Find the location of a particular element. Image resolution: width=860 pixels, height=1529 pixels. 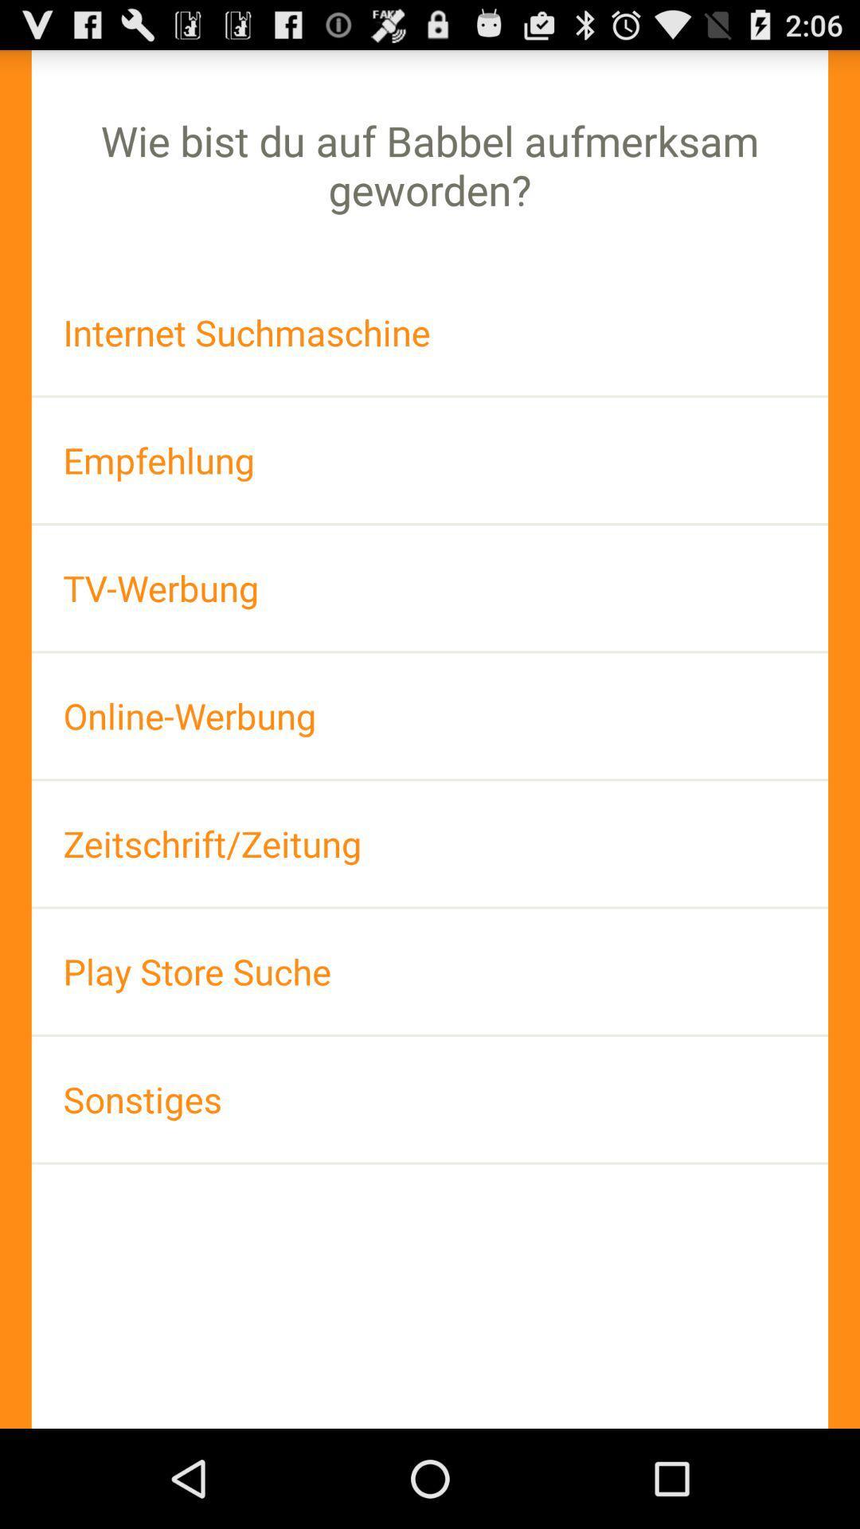

zeitschrift/zeitung is located at coordinates (430, 843).